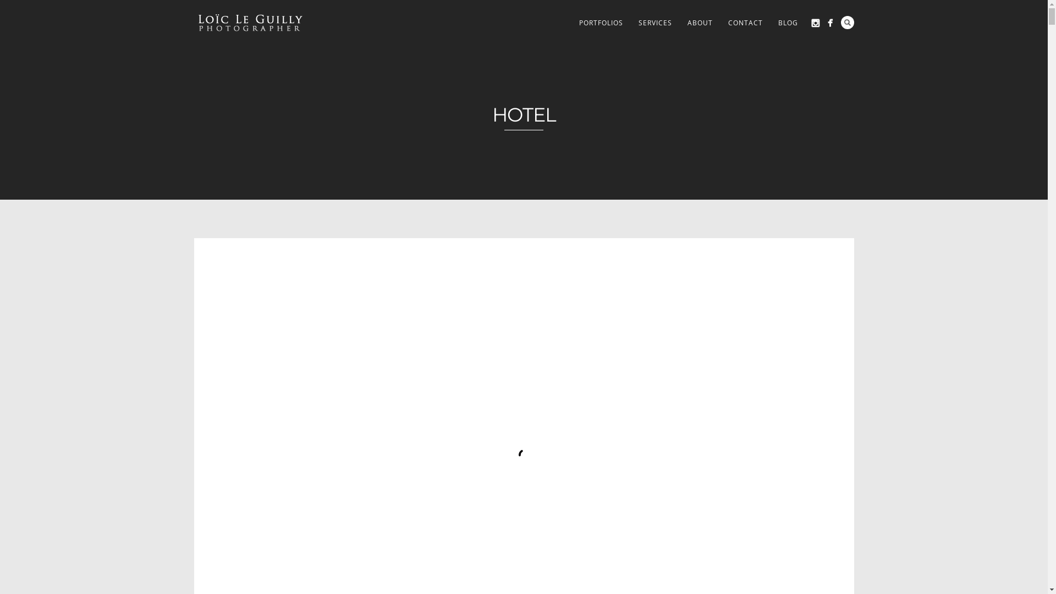 The height and width of the screenshot is (594, 1056). I want to click on 'PORTFOLIOS', so click(600, 23).